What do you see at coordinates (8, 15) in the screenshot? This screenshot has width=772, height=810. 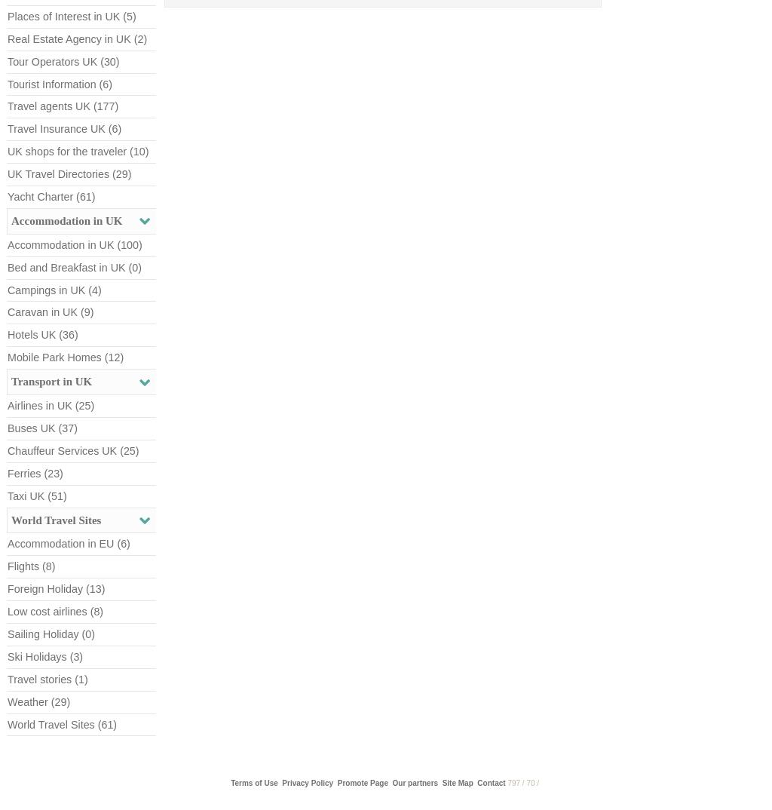 I see `'Places of Interest in UK (5)'` at bounding box center [8, 15].